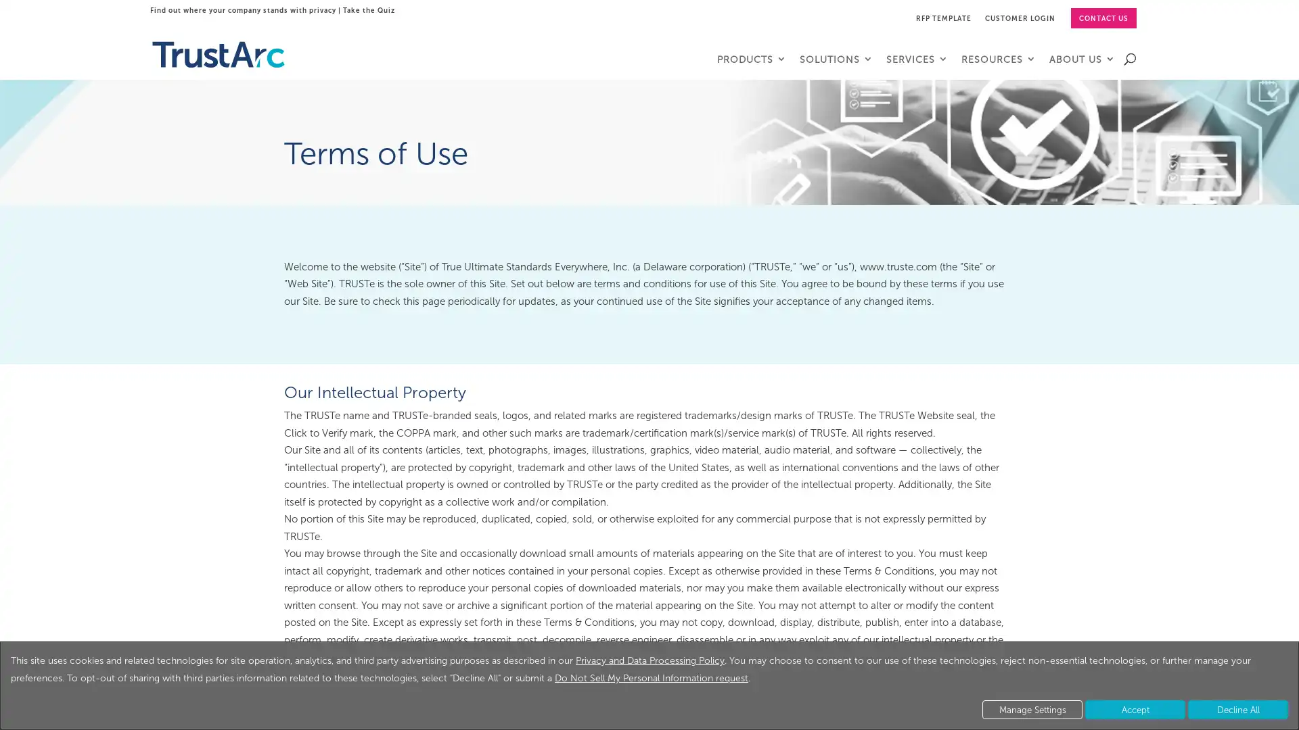 Image resolution: width=1299 pixels, height=730 pixels. Describe the element at coordinates (1135, 708) in the screenshot. I see `Accept` at that location.